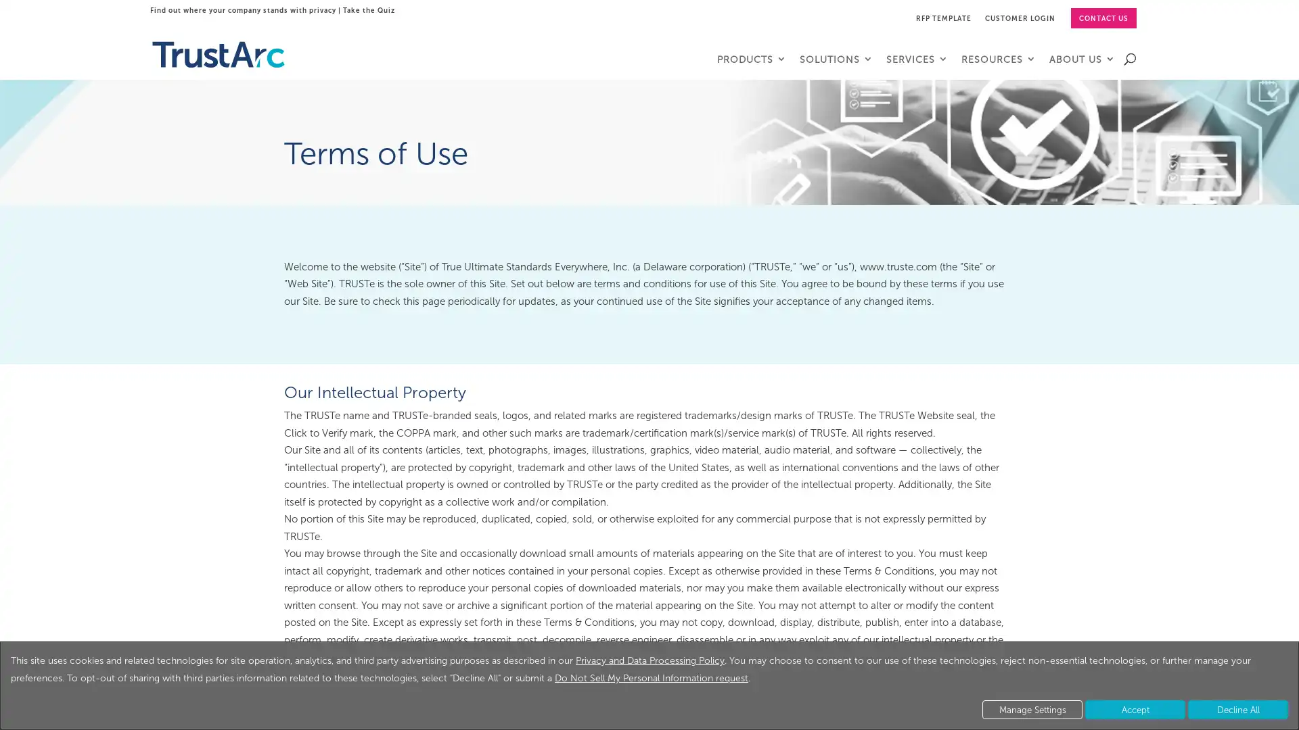 Image resolution: width=1299 pixels, height=730 pixels. Describe the element at coordinates (1135, 708) in the screenshot. I see `Accept` at that location.